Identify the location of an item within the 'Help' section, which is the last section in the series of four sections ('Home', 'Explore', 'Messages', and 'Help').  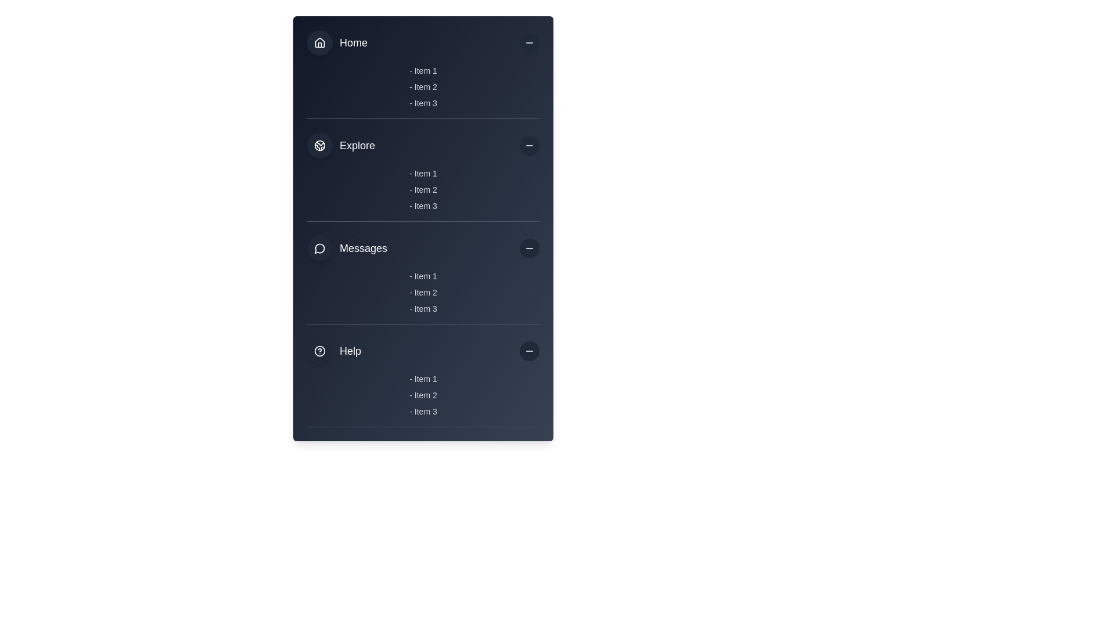
(423, 383).